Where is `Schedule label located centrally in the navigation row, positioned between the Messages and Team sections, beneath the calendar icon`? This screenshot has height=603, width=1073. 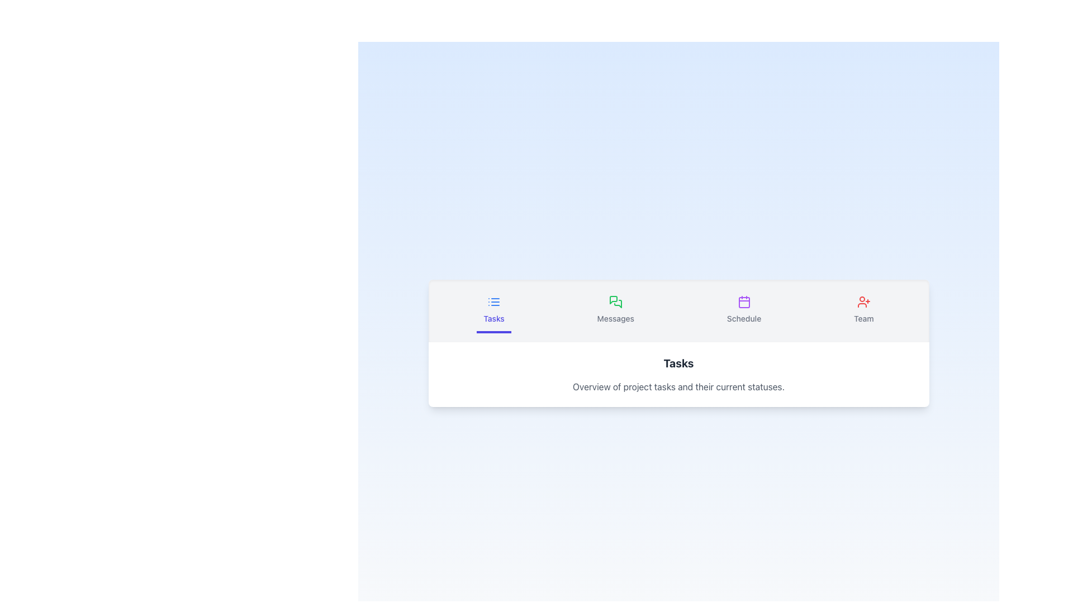 Schedule label located centrally in the navigation row, positioned between the Messages and Team sections, beneath the calendar icon is located at coordinates (744, 318).